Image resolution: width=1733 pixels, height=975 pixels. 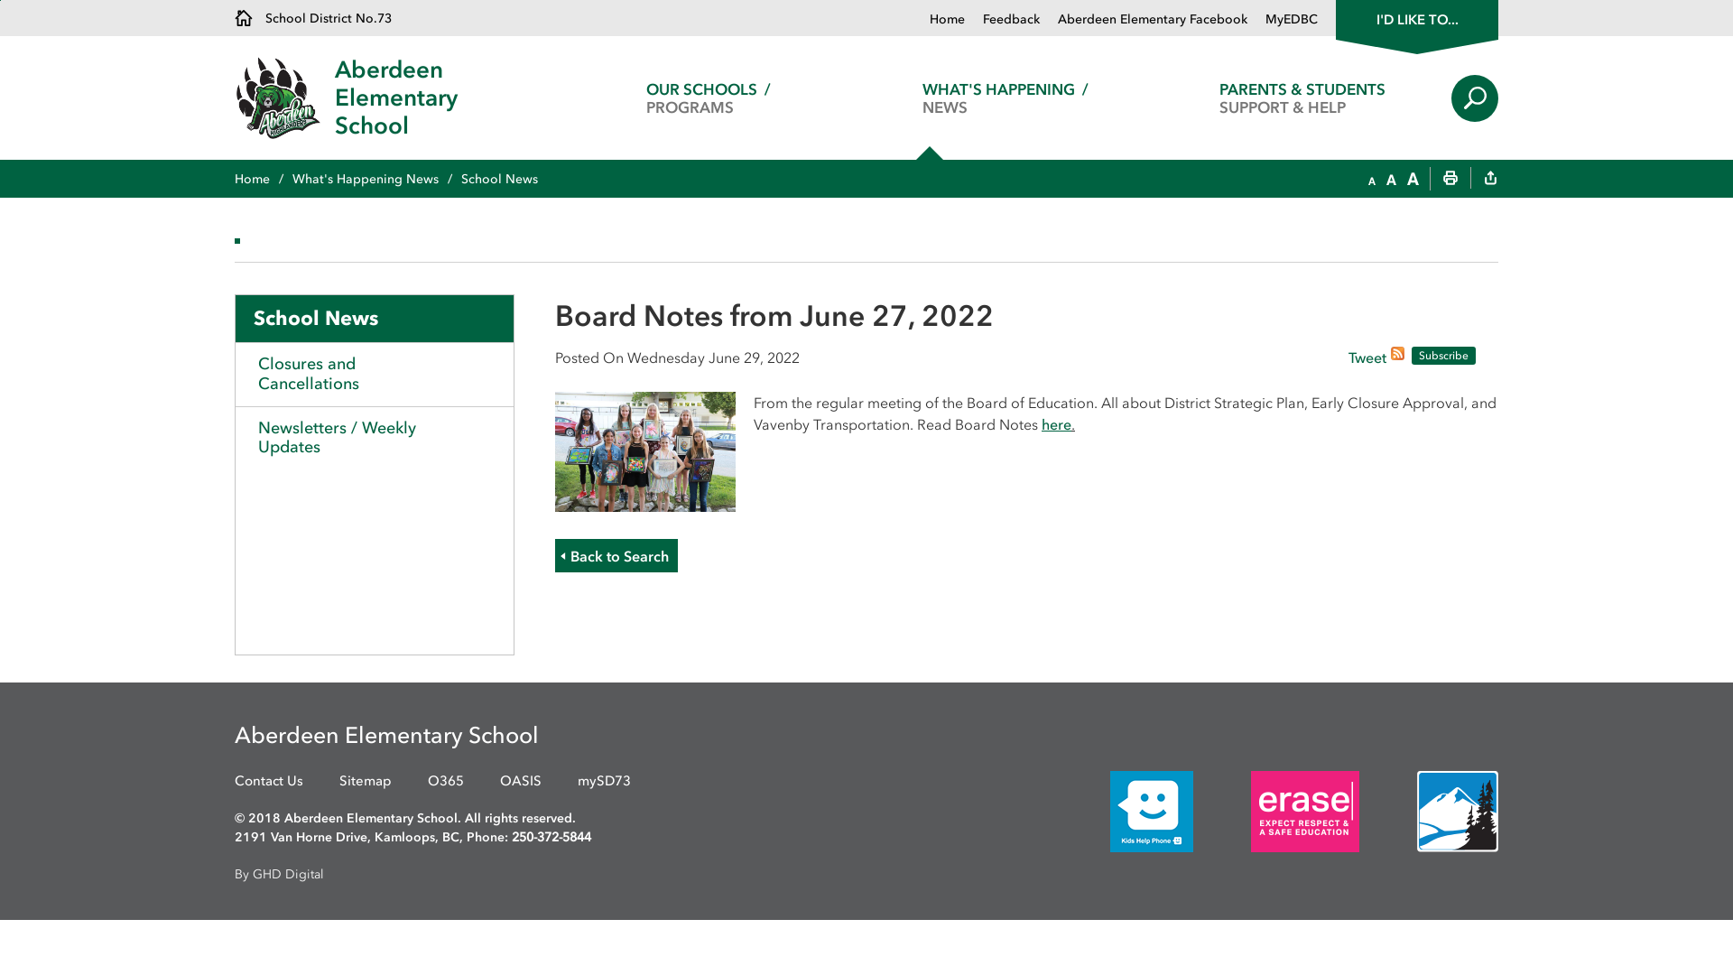 I want to click on 'Home', so click(x=233, y=179).